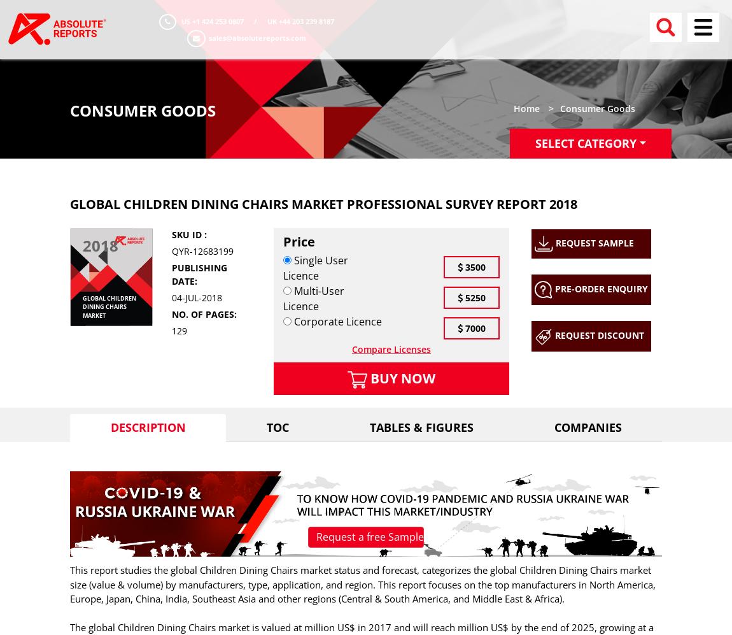  What do you see at coordinates (363, 584) in the screenshot?
I see `'This report studies the global Children Dining Chairs market status and forecast, categorizes the global Children Dining Chairs market size (value & volume) by manufacturers, type, application, and region. This report focuses on the top manufacturers in North America, Europe, Japan, China, India, Southeast Asia and other regions (Central & South America, and Middle East & Africa).'` at bounding box center [363, 584].